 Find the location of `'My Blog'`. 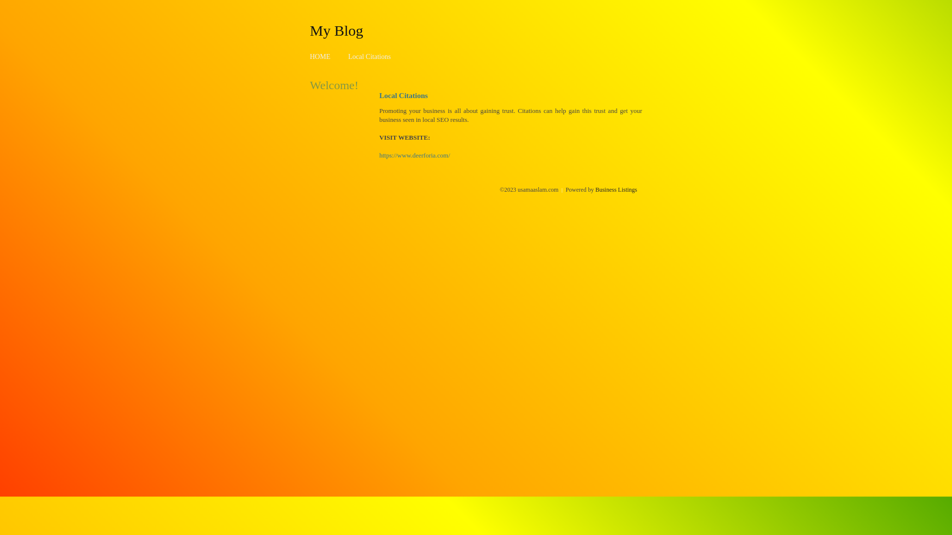

'My Blog' is located at coordinates (309, 30).